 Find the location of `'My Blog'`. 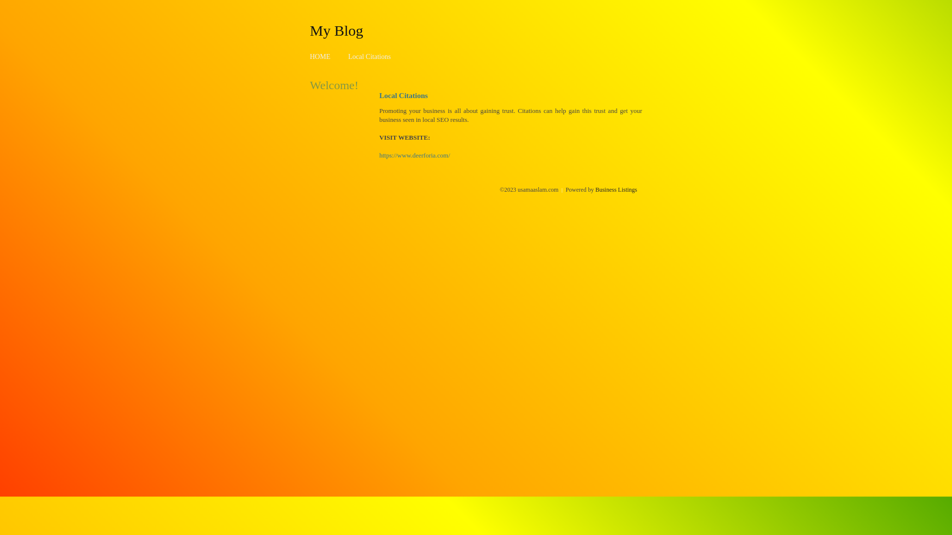

'My Blog' is located at coordinates (309, 30).